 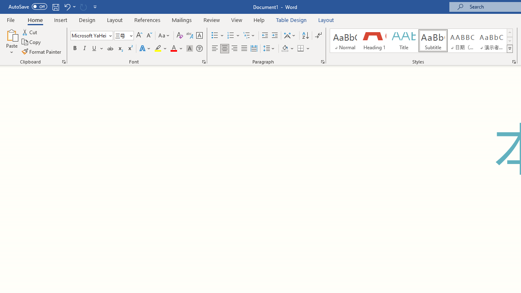 What do you see at coordinates (233, 35) in the screenshot?
I see `'Numbering'` at bounding box center [233, 35].